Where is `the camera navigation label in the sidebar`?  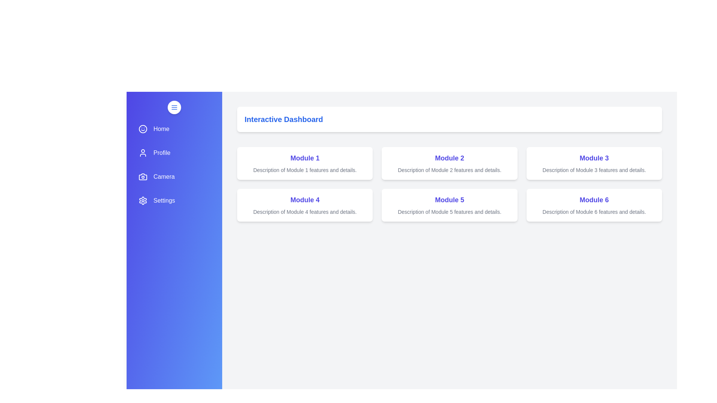 the camera navigation label in the sidebar is located at coordinates (164, 177).